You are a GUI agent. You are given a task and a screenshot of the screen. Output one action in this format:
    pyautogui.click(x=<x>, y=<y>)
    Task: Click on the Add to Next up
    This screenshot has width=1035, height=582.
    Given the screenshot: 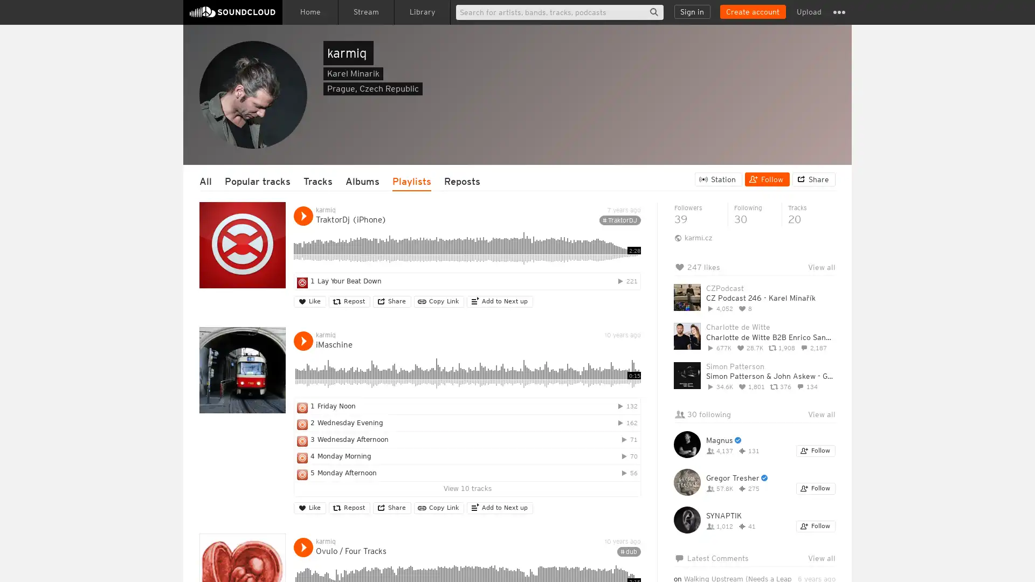 What is the action you would take?
    pyautogui.click(x=499, y=508)
    